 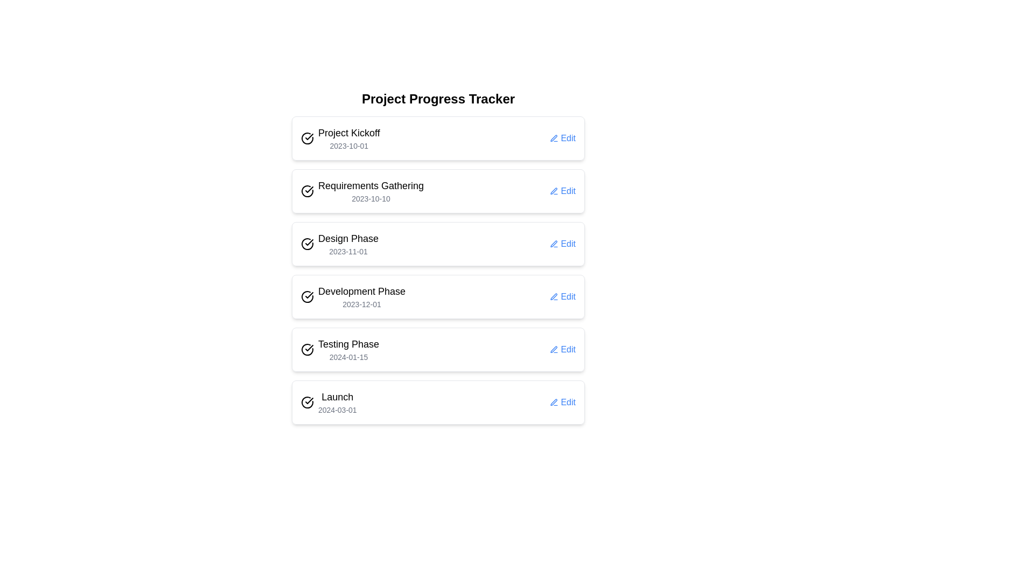 I want to click on the circular icon with a checkmark located to the left of the text 'Project Kickoff' and above '2023-10-01', so click(x=307, y=138).